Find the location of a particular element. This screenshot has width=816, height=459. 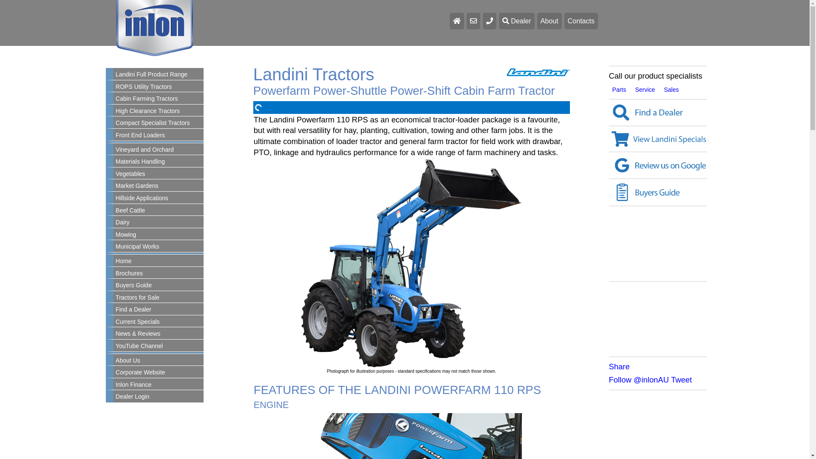

'Landini Full Product Range' is located at coordinates (159, 74).